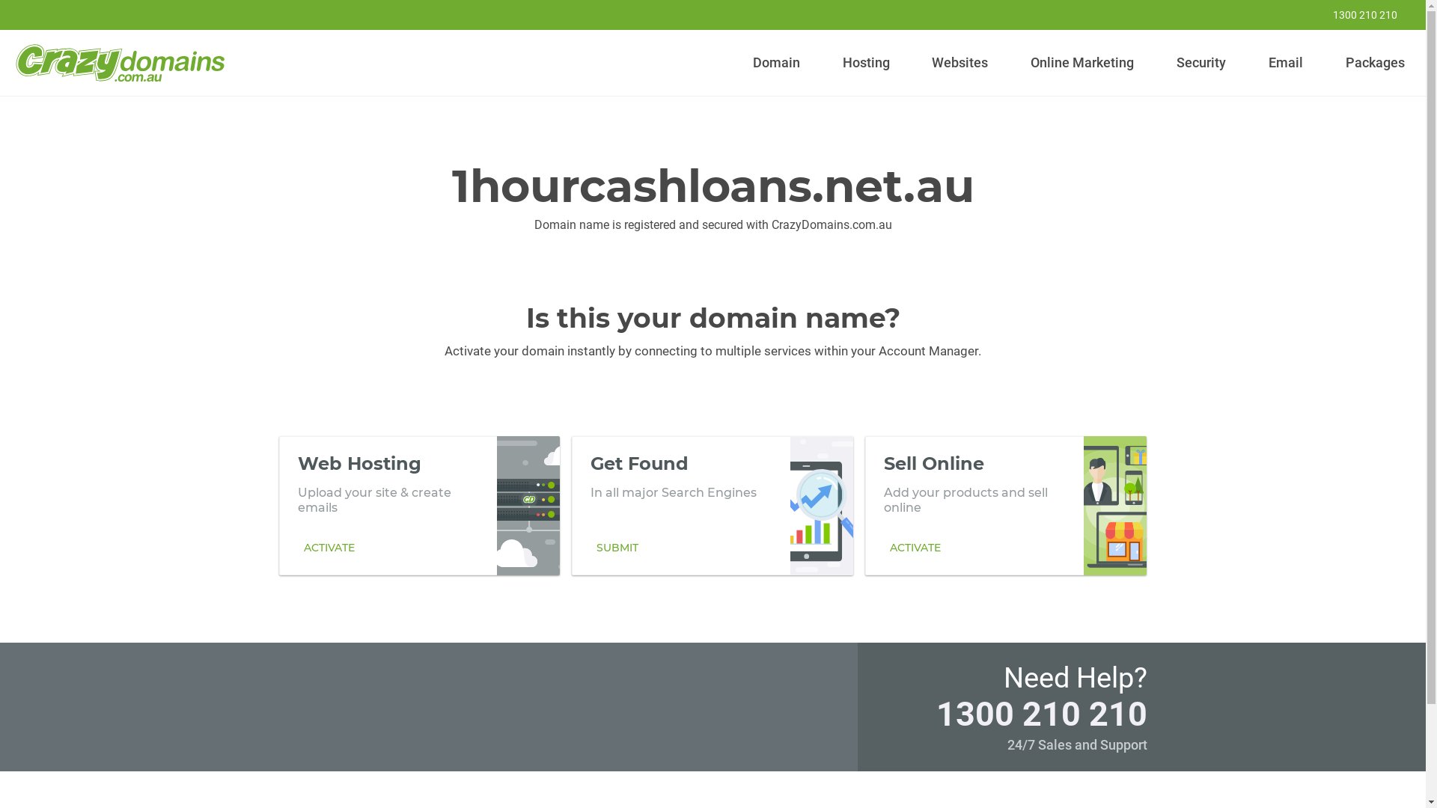  What do you see at coordinates (1284, 62) in the screenshot?
I see `'Email'` at bounding box center [1284, 62].